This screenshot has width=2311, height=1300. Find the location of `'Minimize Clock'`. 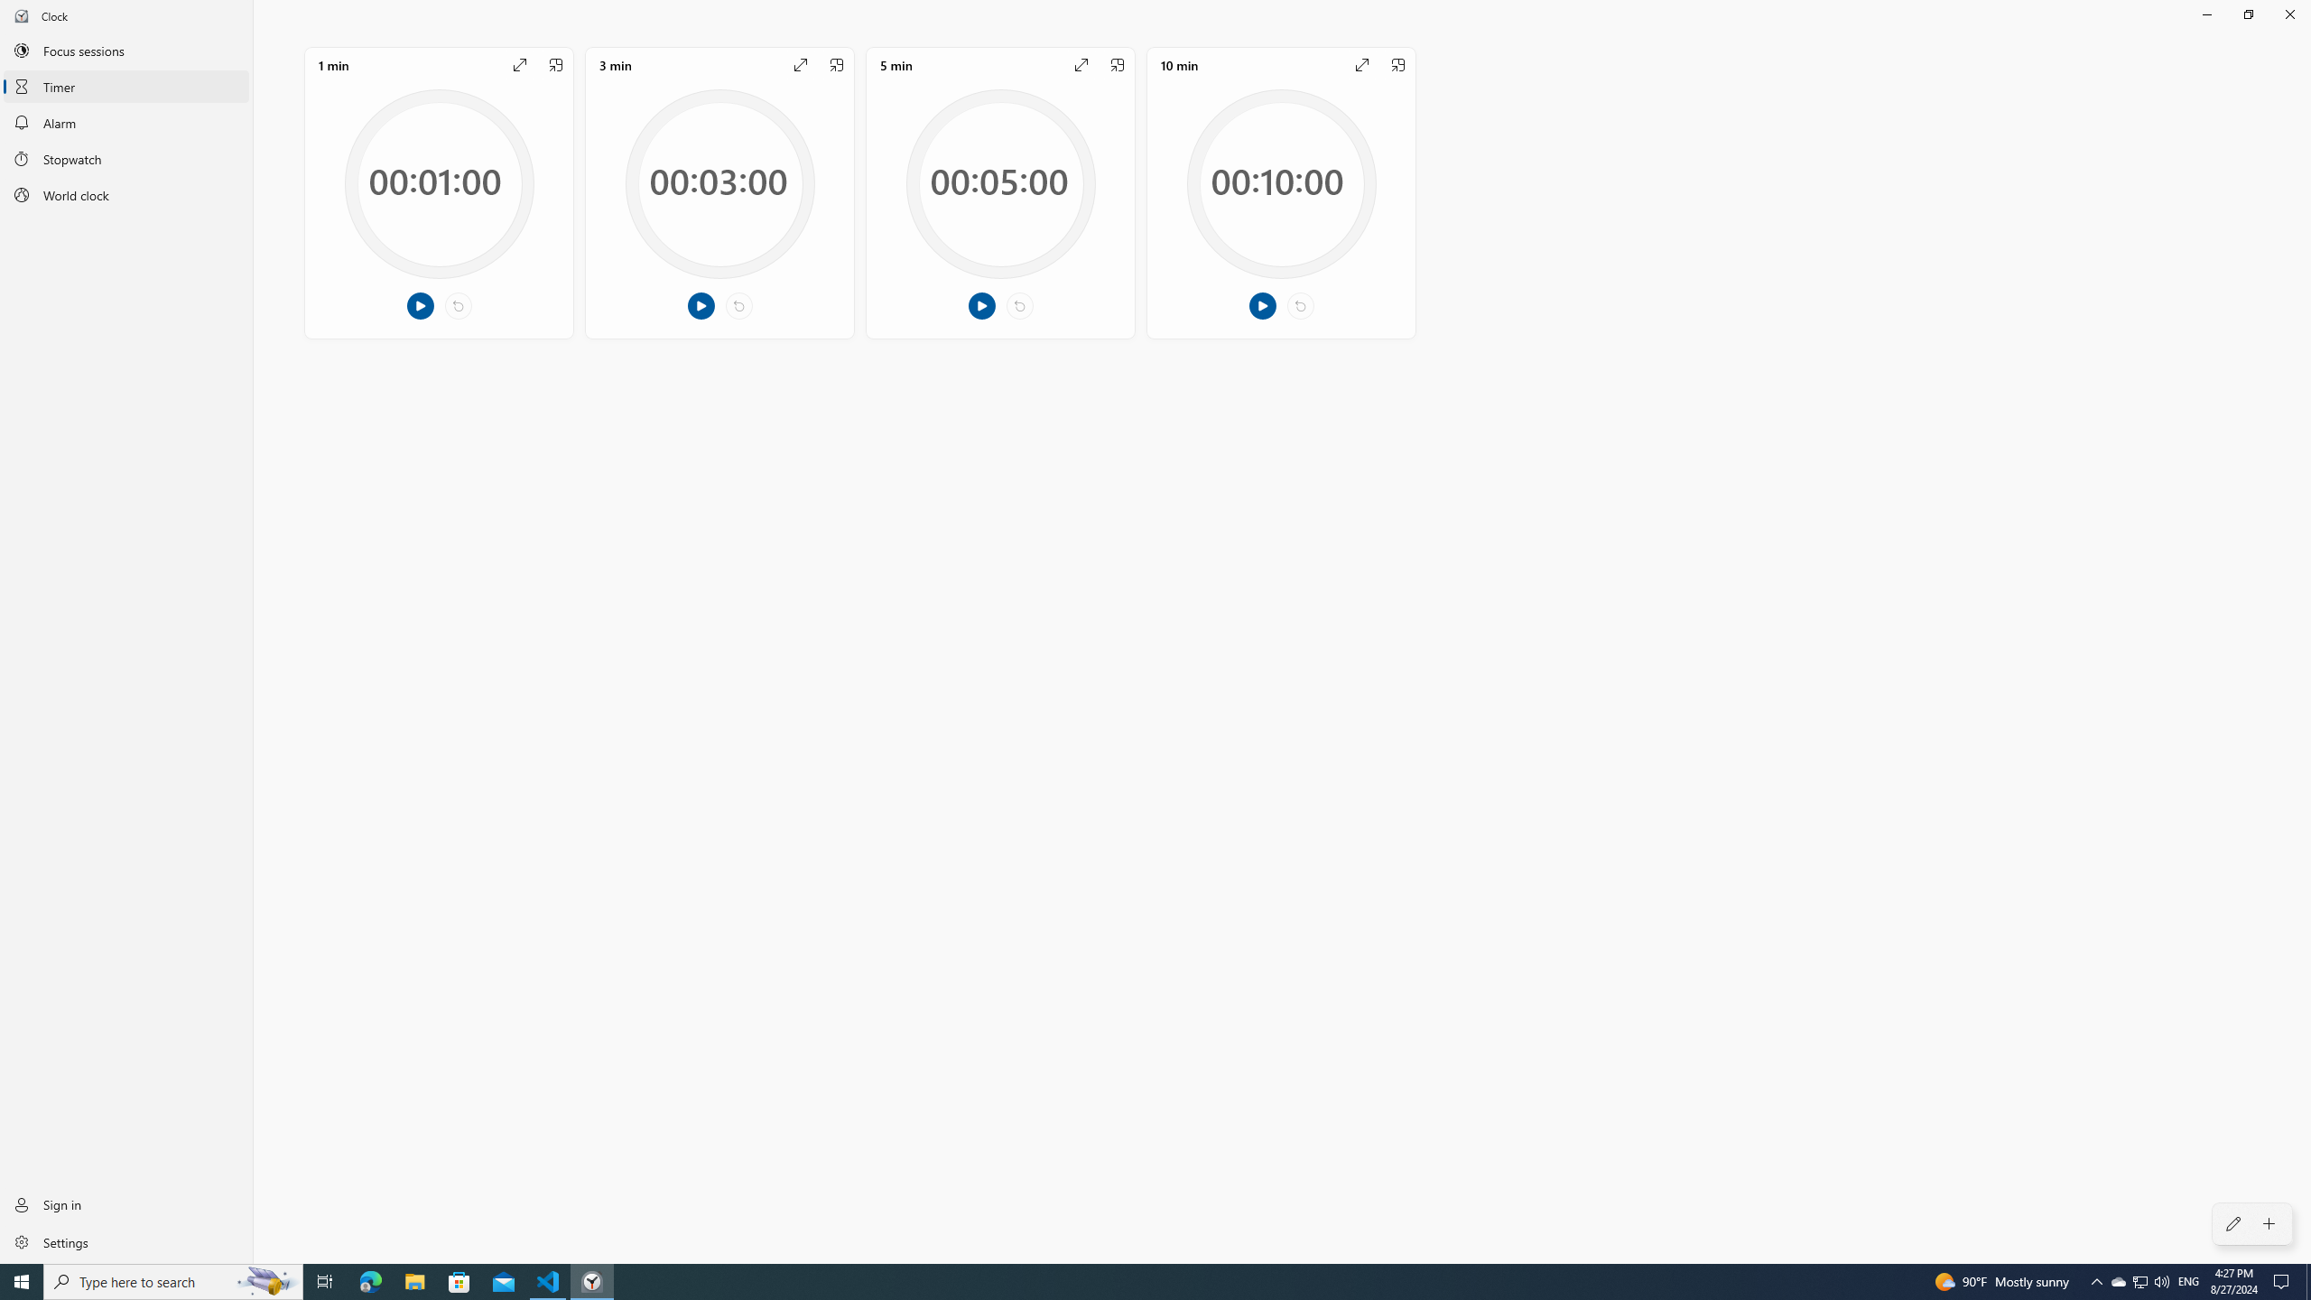

'Minimize Clock' is located at coordinates (2205, 14).